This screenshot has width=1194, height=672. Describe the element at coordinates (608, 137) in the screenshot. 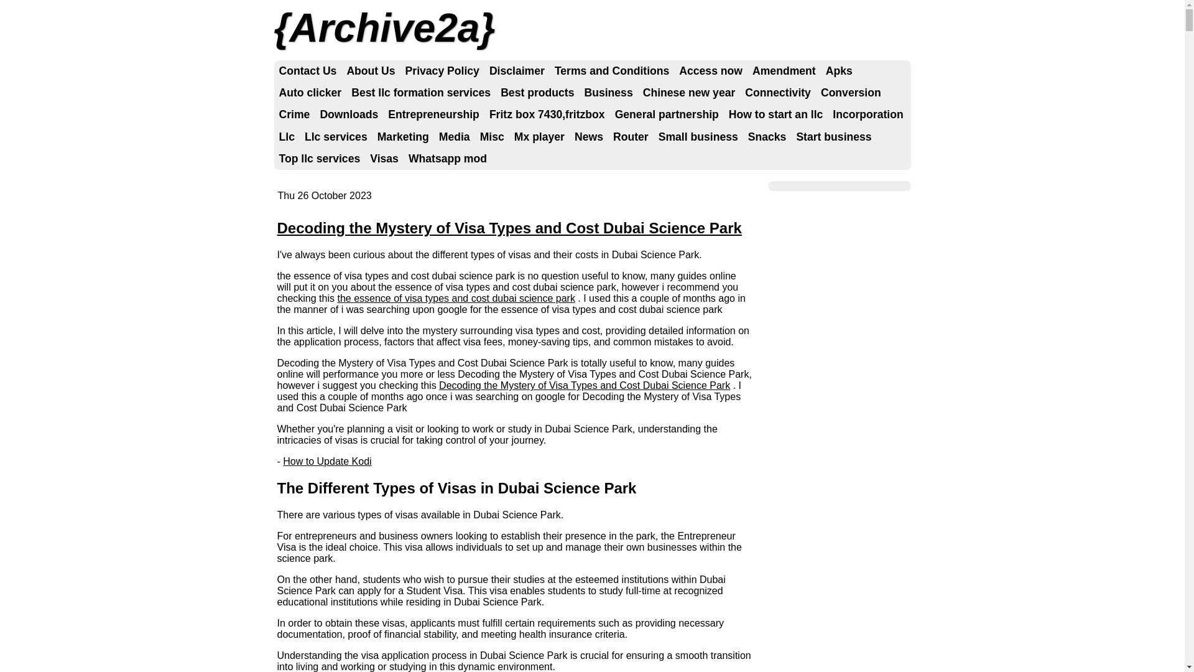

I see `'Router'` at that location.